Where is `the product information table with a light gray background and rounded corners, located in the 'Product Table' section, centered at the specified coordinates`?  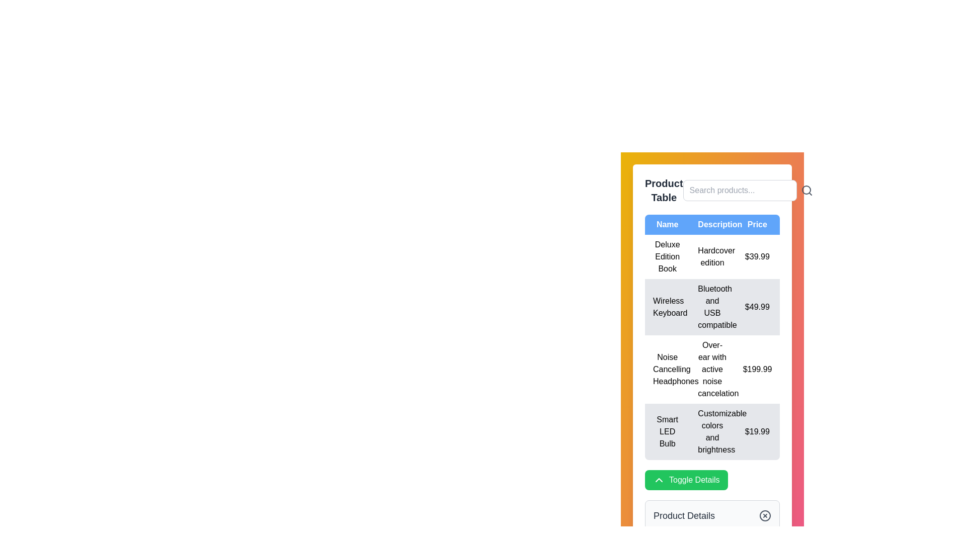 the product information table with a light gray background and rounded corners, located in the 'Product Table' section, centered at the specified coordinates is located at coordinates (712, 337).